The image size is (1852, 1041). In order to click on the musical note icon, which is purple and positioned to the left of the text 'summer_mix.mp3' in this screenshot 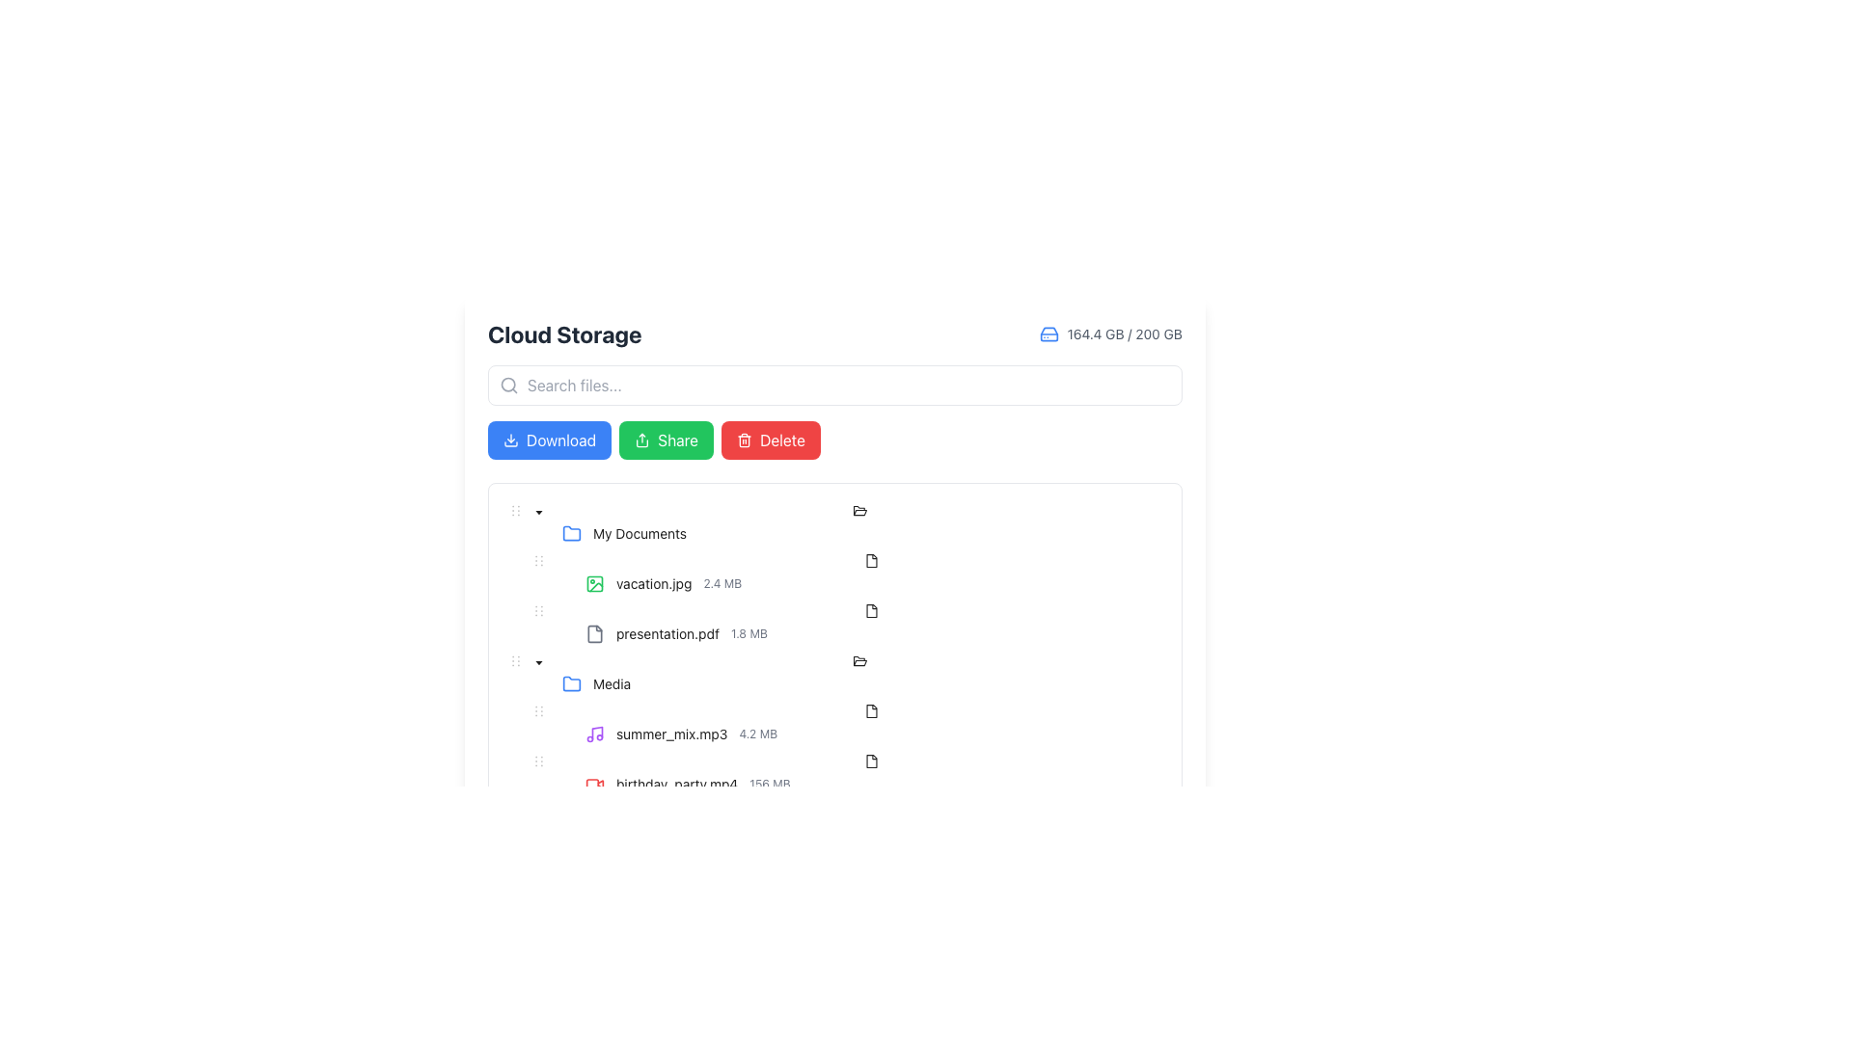, I will do `click(594, 734)`.